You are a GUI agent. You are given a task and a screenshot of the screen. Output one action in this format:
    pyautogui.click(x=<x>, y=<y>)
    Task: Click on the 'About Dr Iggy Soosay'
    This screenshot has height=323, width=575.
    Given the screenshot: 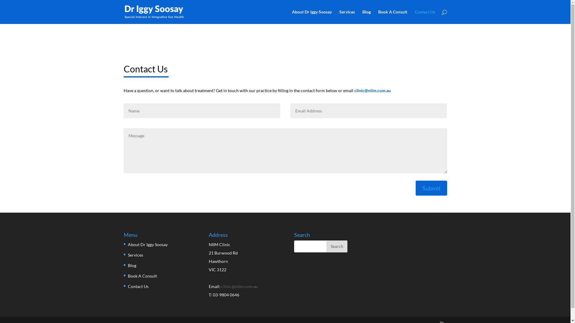 What is the action you would take?
    pyautogui.click(x=311, y=16)
    